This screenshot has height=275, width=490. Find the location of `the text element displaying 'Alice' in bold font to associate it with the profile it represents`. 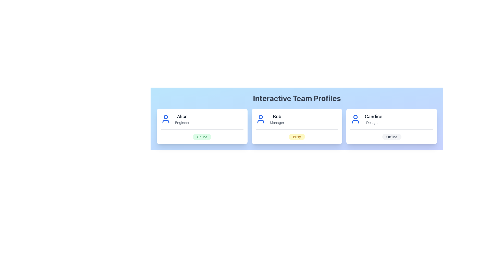

the text element displaying 'Alice' in bold font to associate it with the profile it represents is located at coordinates (182, 119).